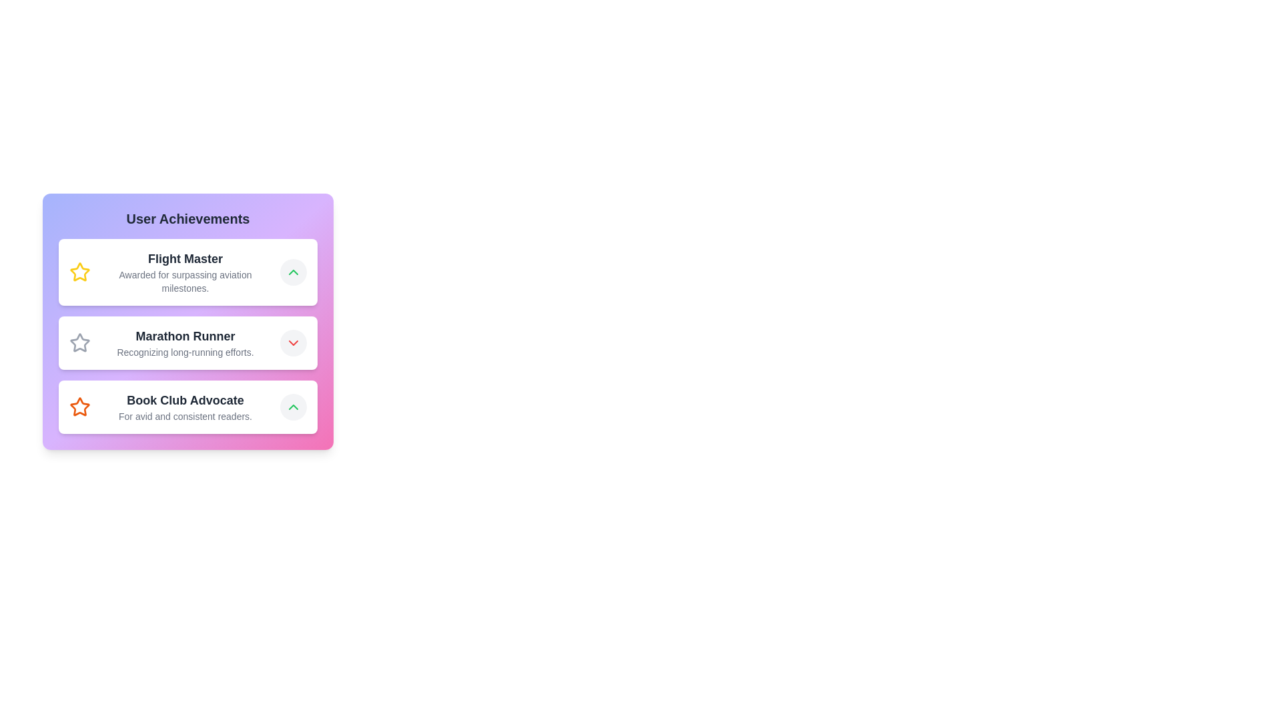 The image size is (1281, 721). I want to click on the descriptive text located directly below the title 'Book Club Advocate' within the third card from the top in the 'User Achievements' section, so click(185, 416).